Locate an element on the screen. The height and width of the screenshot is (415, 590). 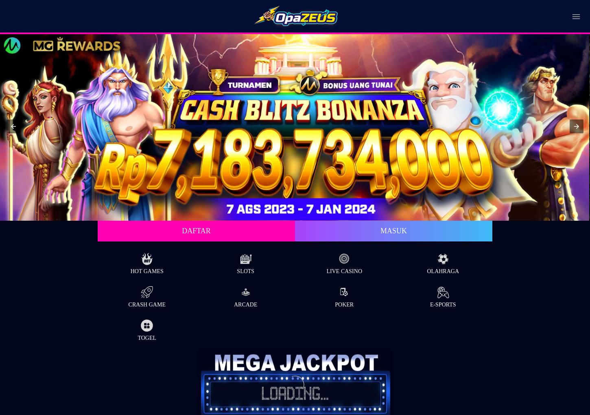
'Live Casino' is located at coordinates (344, 270).